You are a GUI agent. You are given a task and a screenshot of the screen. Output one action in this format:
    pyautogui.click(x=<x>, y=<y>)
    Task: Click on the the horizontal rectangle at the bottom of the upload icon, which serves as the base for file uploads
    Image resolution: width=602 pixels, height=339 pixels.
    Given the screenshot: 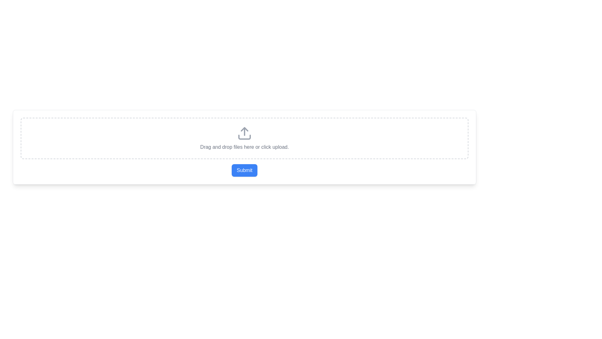 What is the action you would take?
    pyautogui.click(x=244, y=137)
    